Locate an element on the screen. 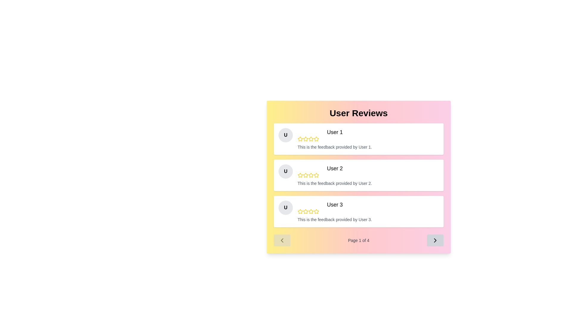 The image size is (572, 321). the second star icon in the user rating system located below 'User 2' and above the feedback text is located at coordinates (300, 175).